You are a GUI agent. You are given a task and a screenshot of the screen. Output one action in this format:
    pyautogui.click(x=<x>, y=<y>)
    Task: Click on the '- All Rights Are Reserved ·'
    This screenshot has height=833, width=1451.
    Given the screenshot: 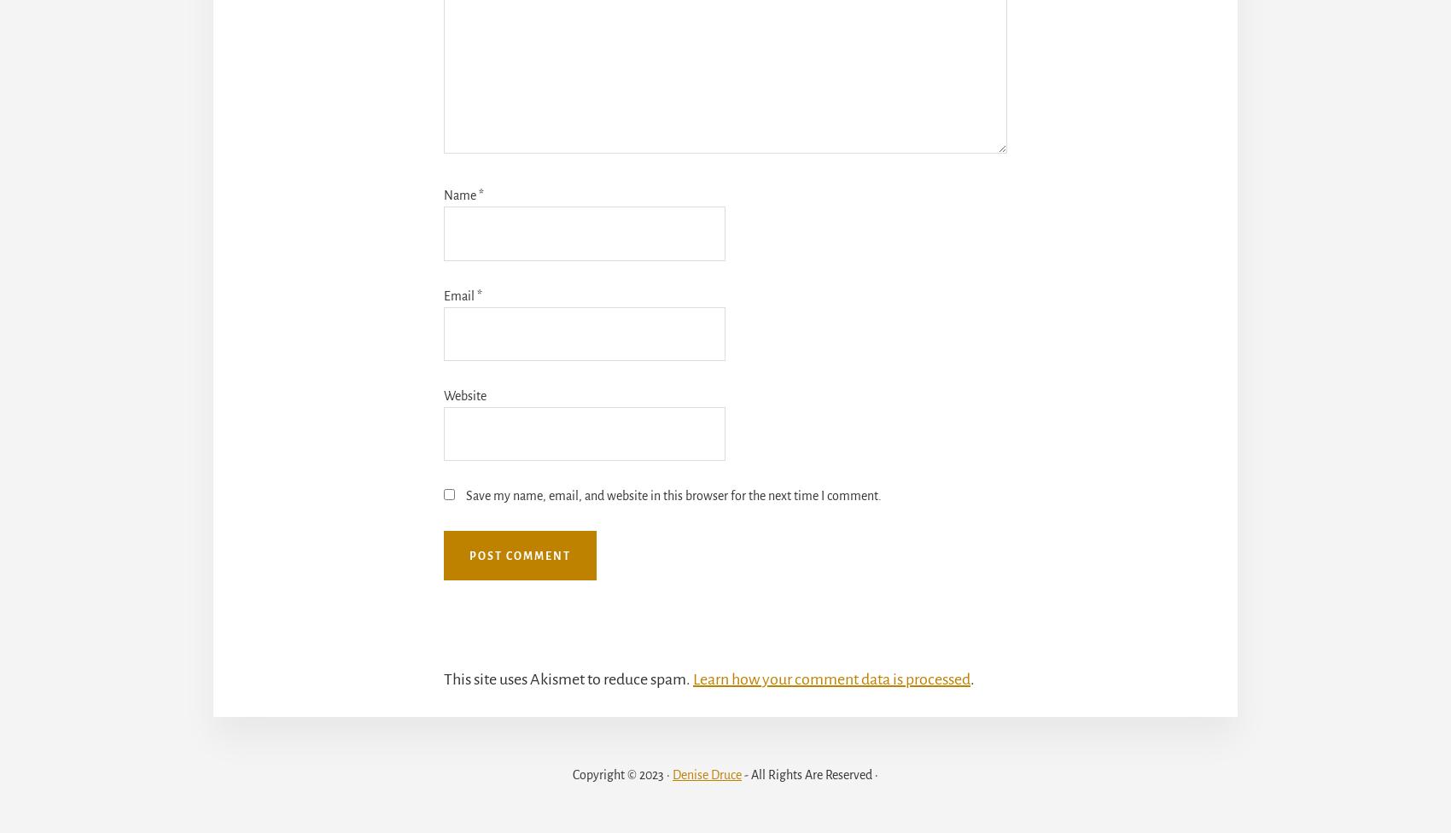 What is the action you would take?
    pyautogui.click(x=809, y=773)
    